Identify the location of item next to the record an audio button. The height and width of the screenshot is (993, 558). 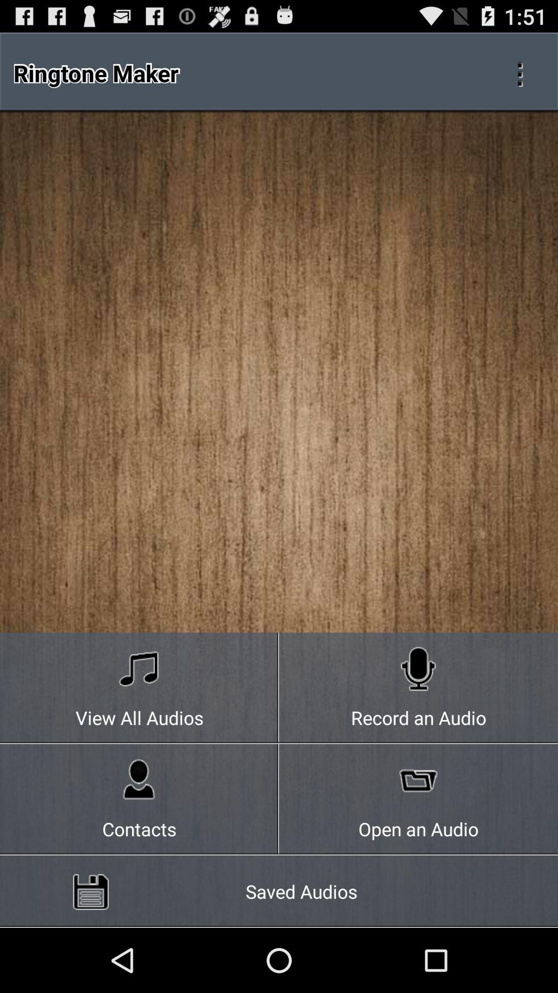
(139, 799).